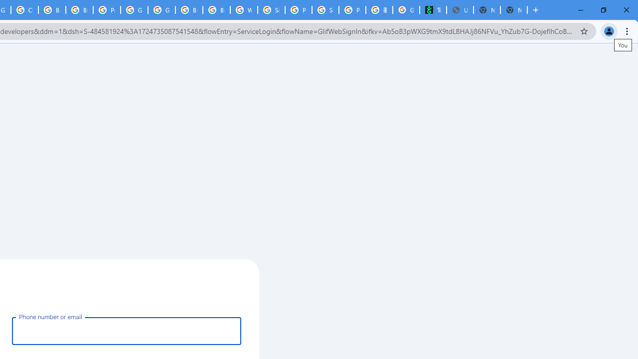  What do you see at coordinates (126, 331) in the screenshot?
I see `'Phone number or email'` at bounding box center [126, 331].